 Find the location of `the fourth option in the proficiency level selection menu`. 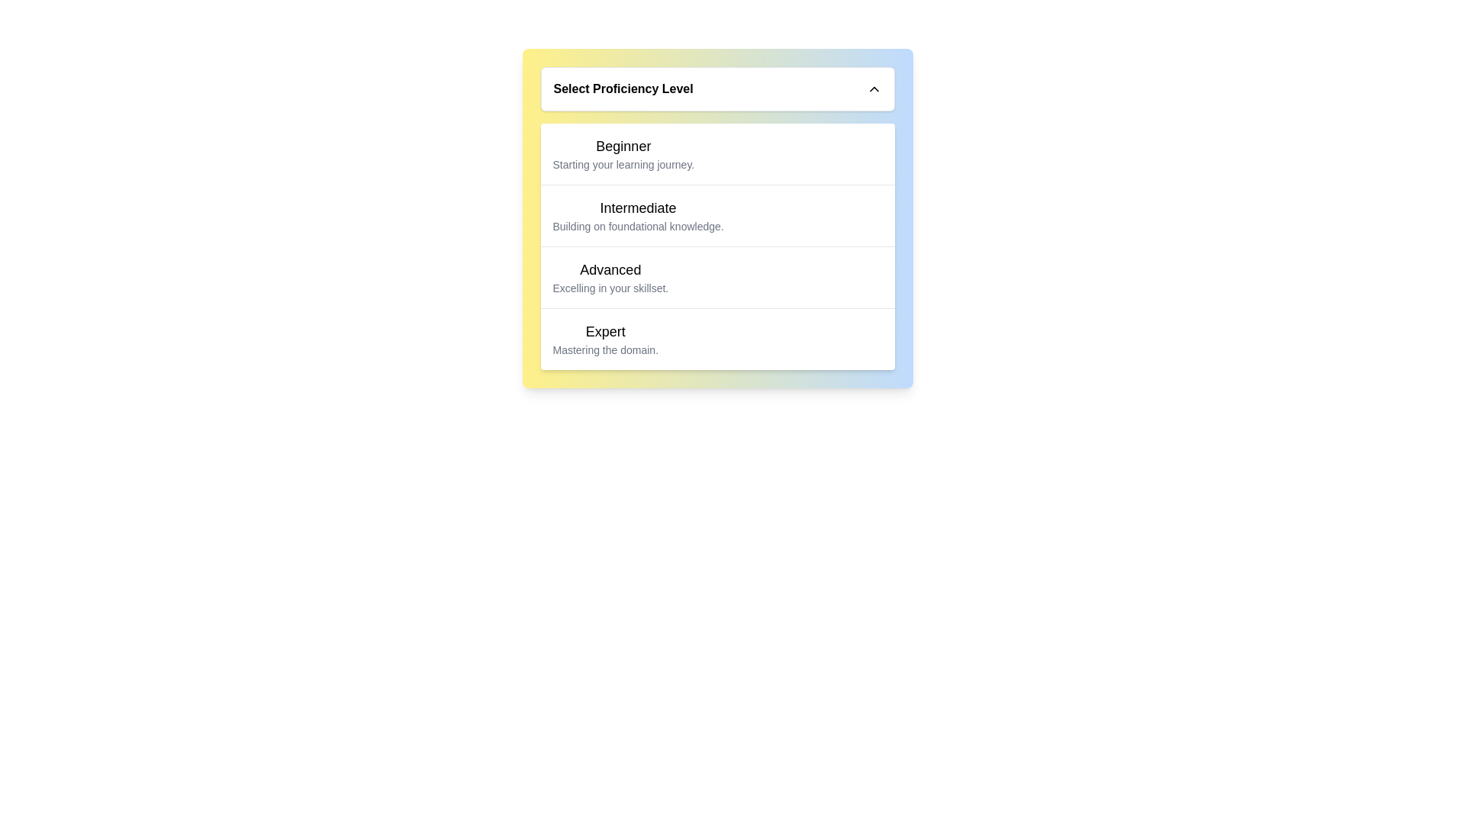

the fourth option in the proficiency level selection menu is located at coordinates (604, 338).